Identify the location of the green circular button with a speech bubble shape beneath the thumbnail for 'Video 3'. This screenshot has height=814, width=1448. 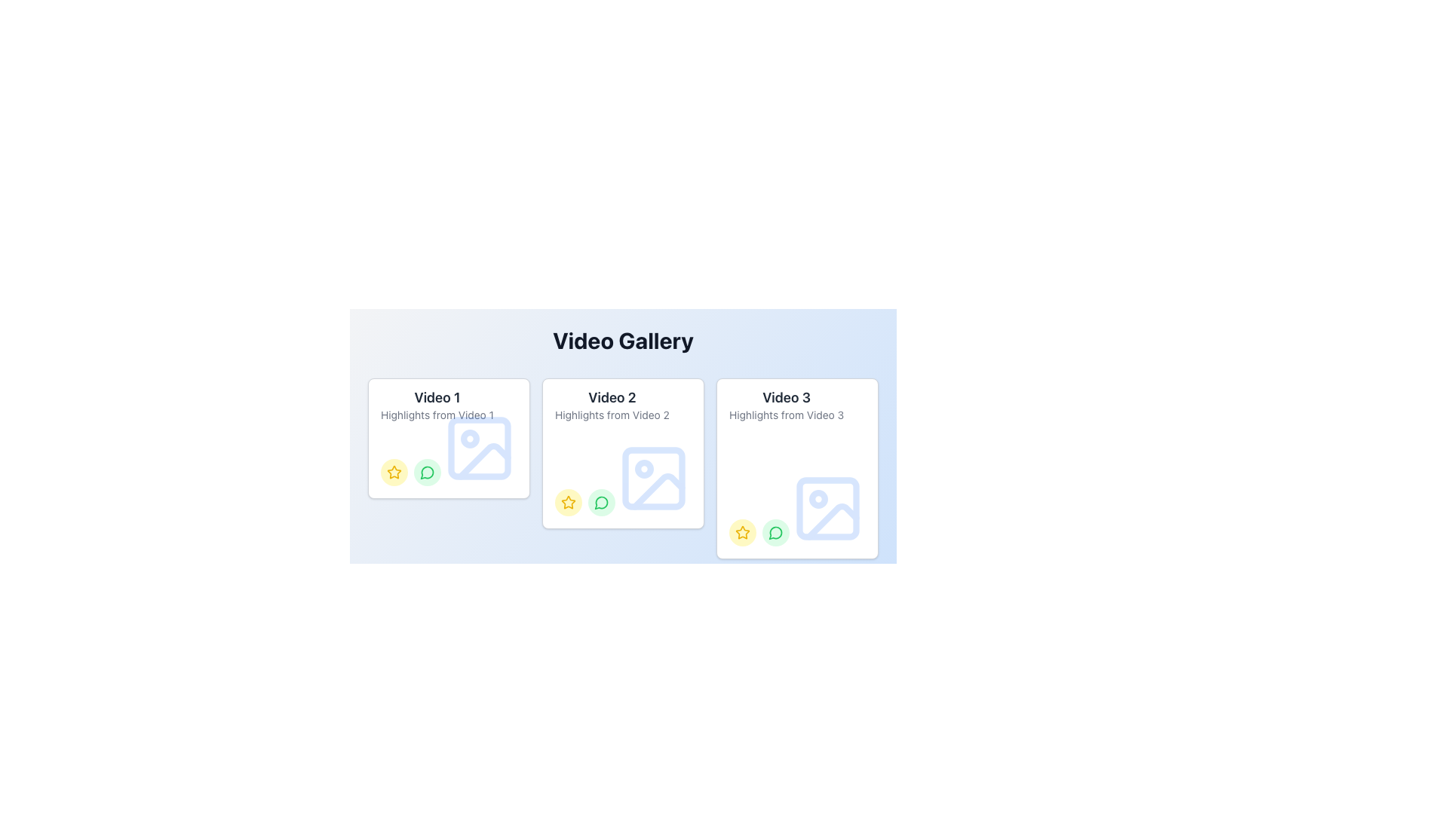
(775, 531).